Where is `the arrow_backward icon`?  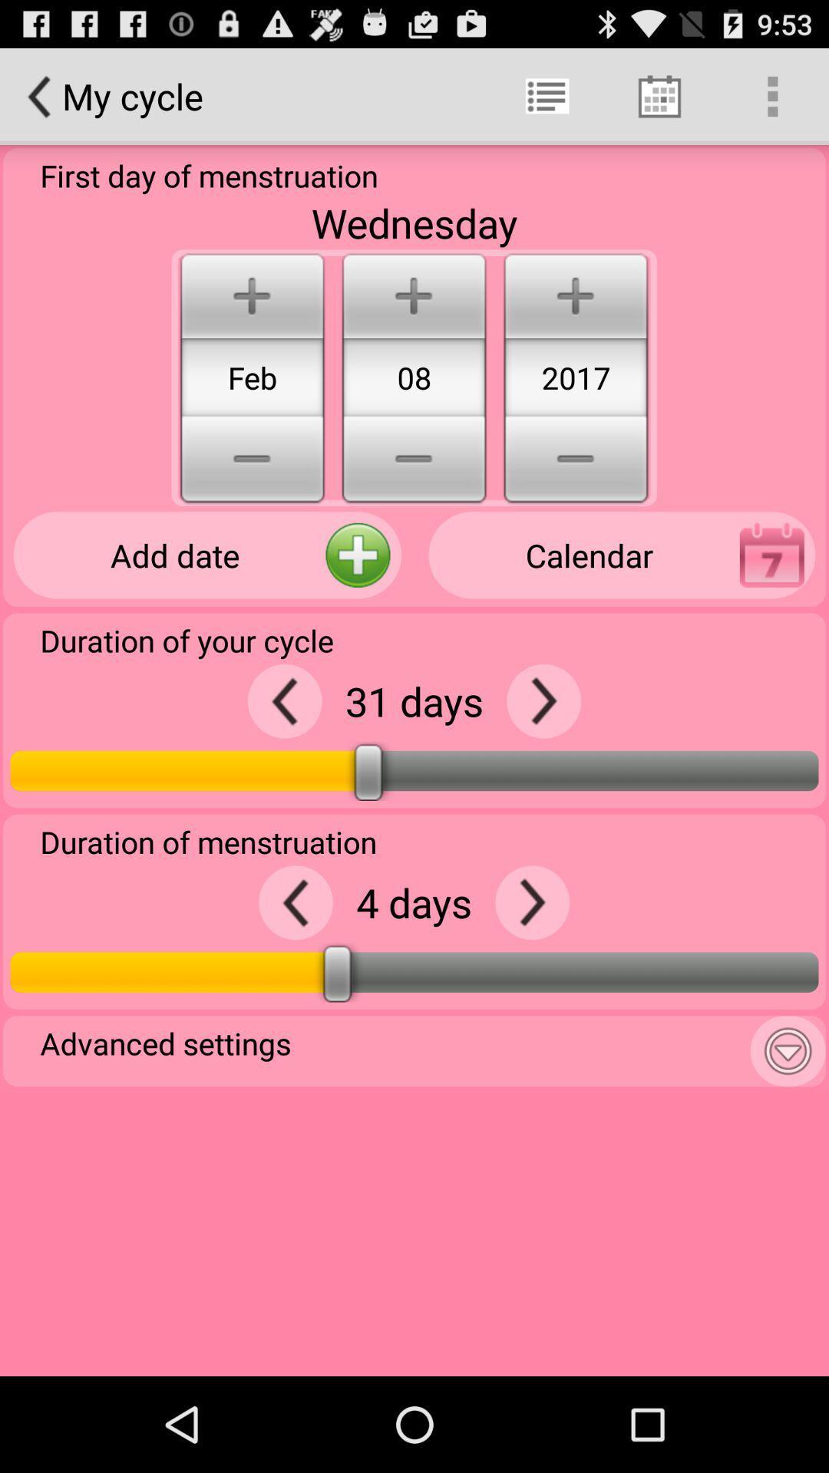 the arrow_backward icon is located at coordinates (296, 965).